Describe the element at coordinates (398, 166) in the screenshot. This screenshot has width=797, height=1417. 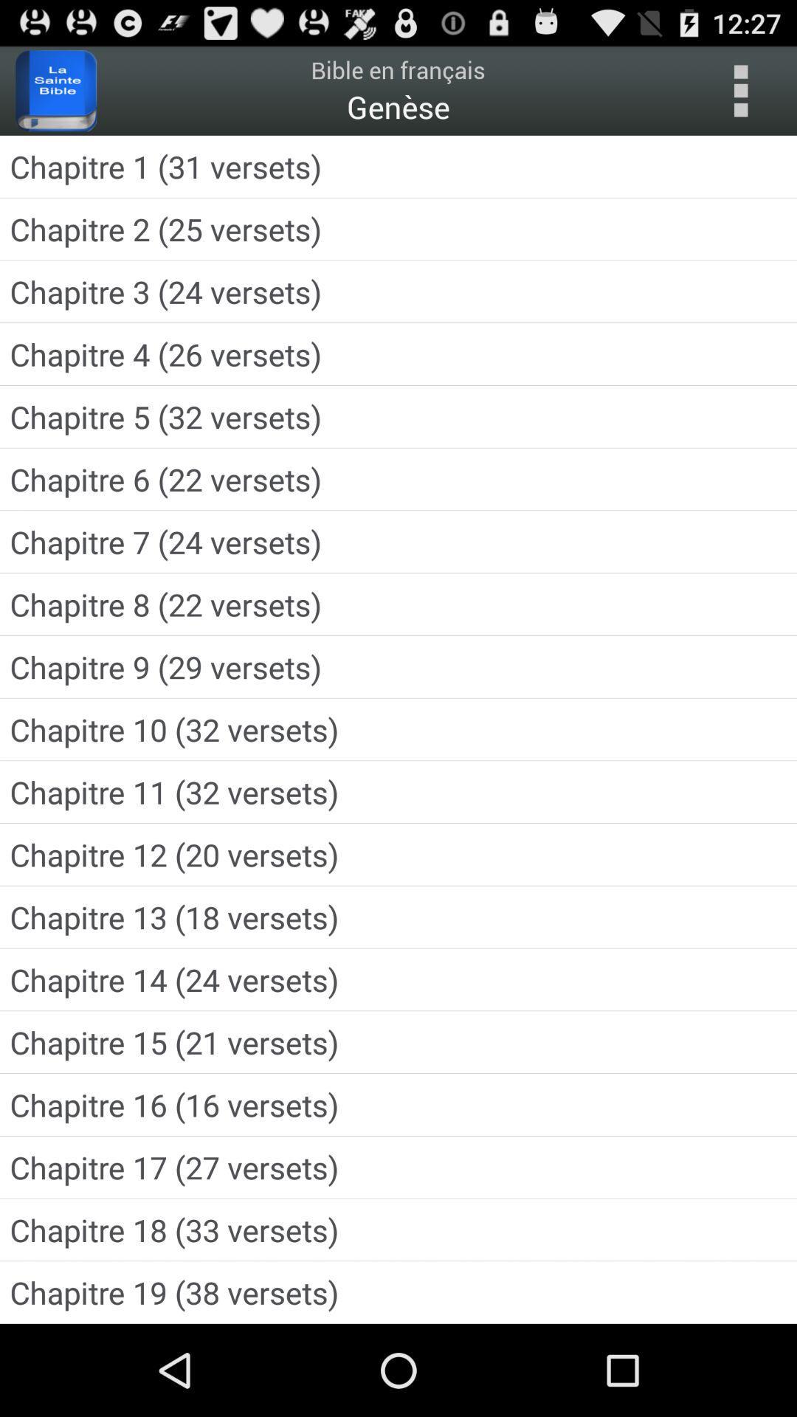
I see `chapitre 1 31` at that location.